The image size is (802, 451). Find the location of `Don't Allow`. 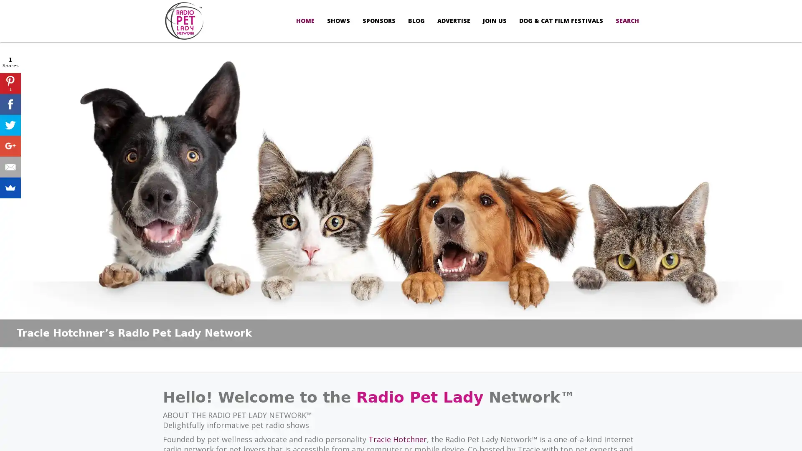

Don't Allow is located at coordinates (414, 48).